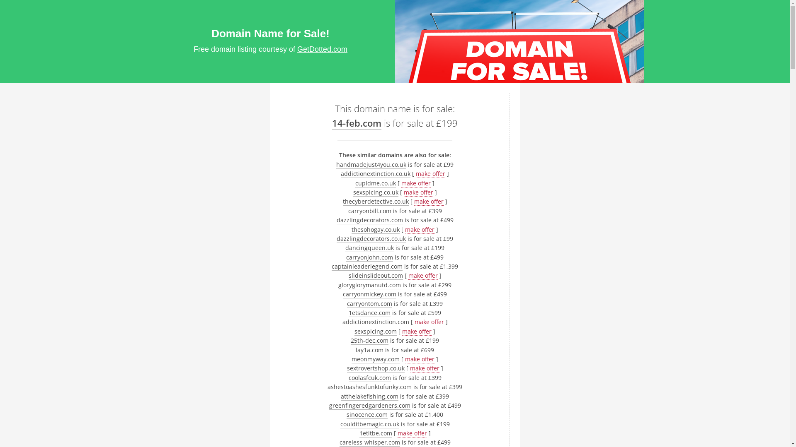 This screenshot has width=796, height=447. Describe the element at coordinates (369, 405) in the screenshot. I see `'greenfingeredgardeners.com'` at that location.